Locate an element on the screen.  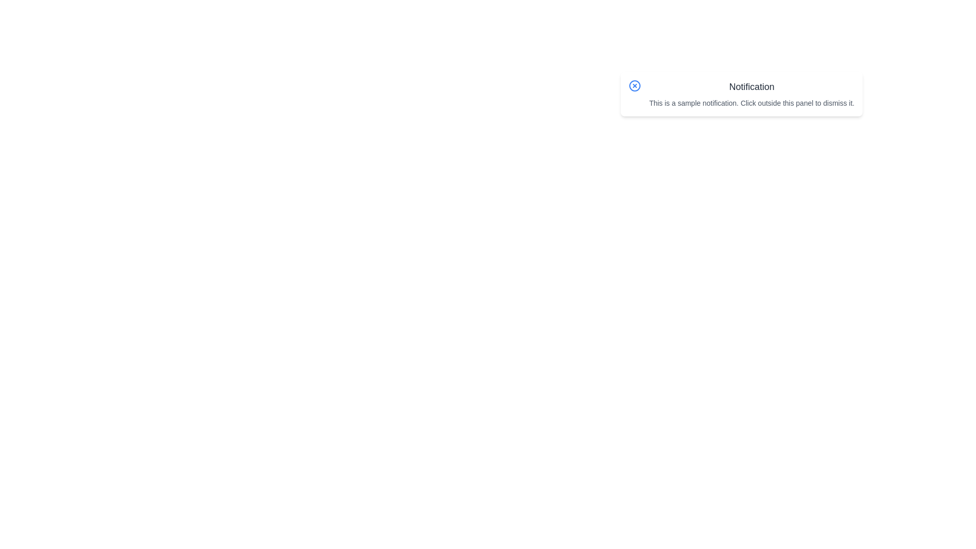
the graphical representation of the SVG circle element that serves as a decorative component of a close button icon located at the top-left corner of the notification card is located at coordinates (634, 85).